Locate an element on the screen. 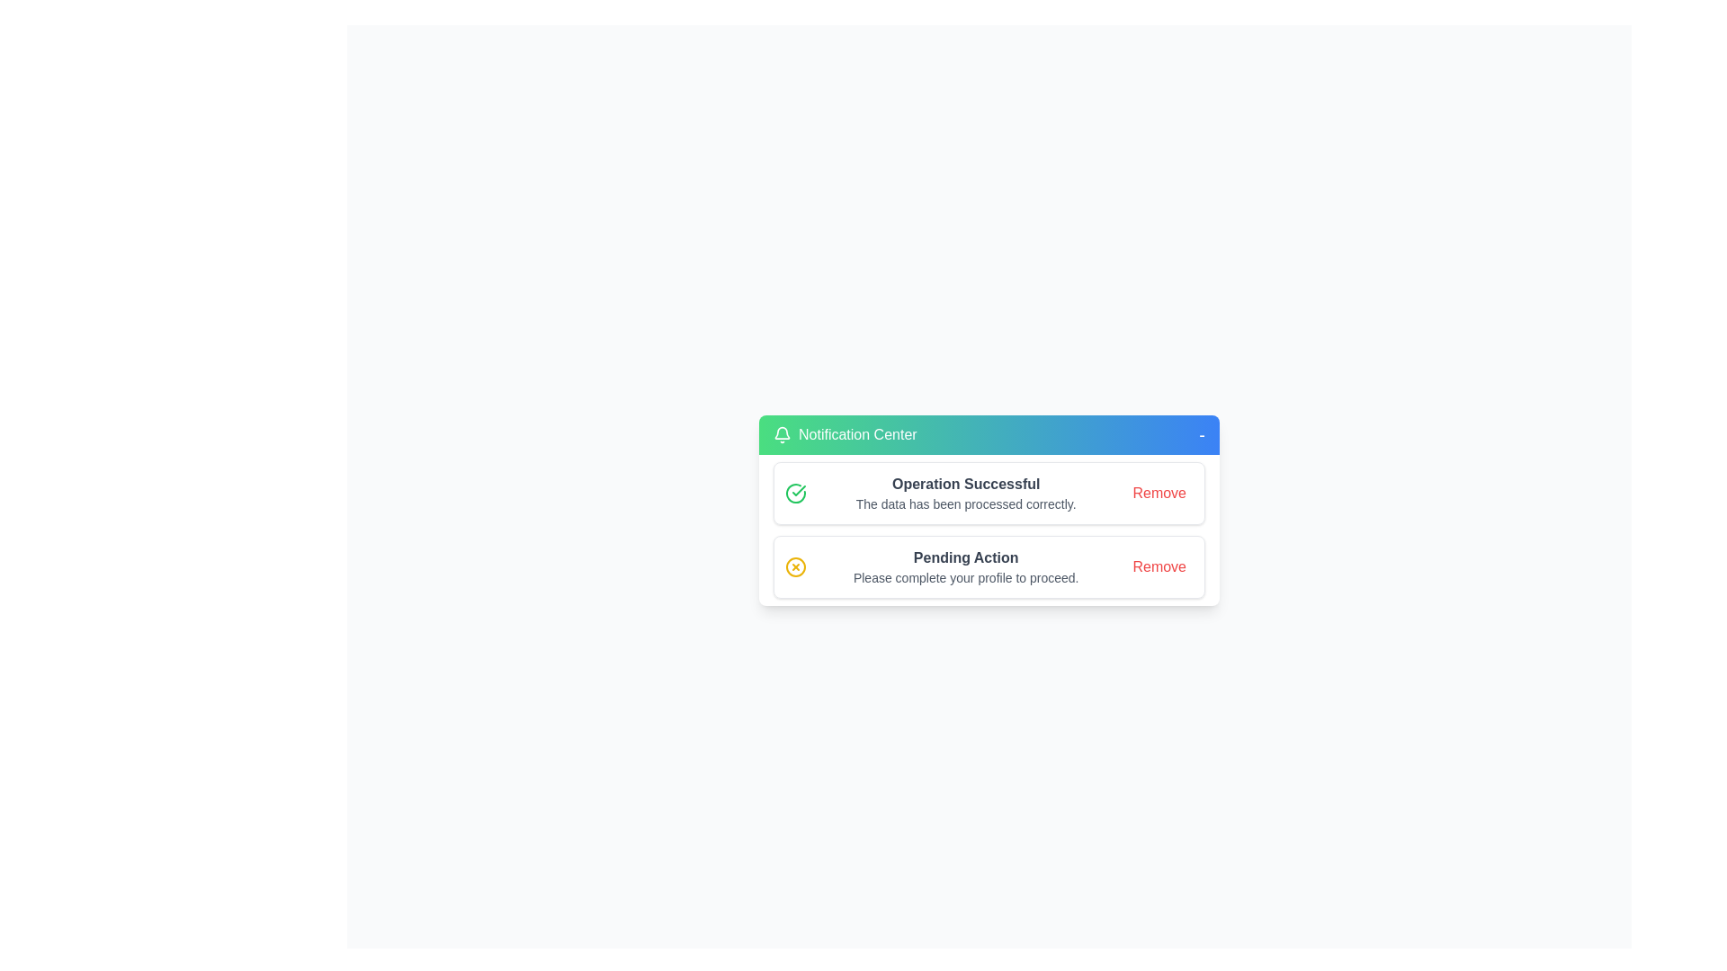  the 'Remove' text button in red color located at the bottom right of the 'Pending Action' notification card is located at coordinates (1159, 567).